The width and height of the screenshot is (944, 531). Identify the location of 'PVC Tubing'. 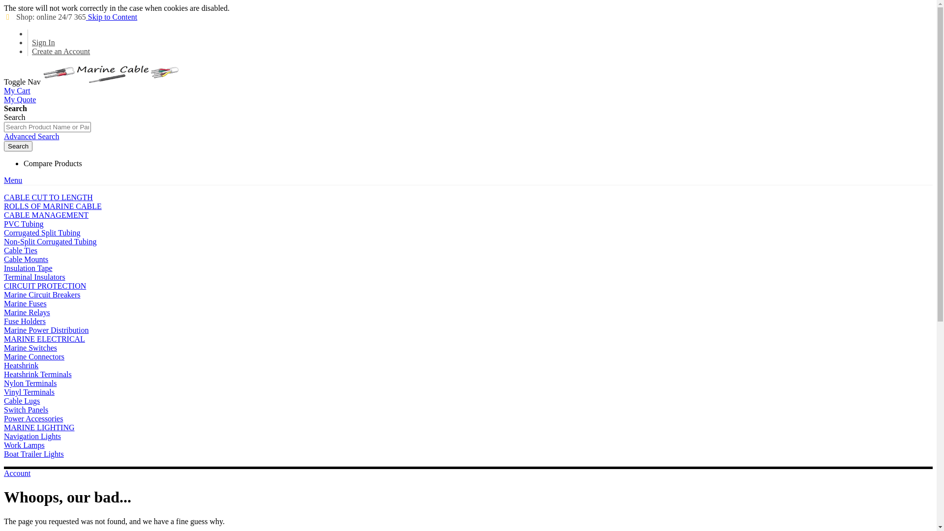
(24, 224).